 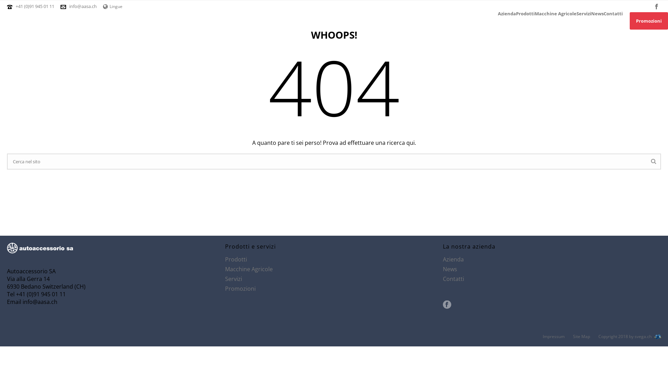 What do you see at coordinates (581, 336) in the screenshot?
I see `'Site Map'` at bounding box center [581, 336].